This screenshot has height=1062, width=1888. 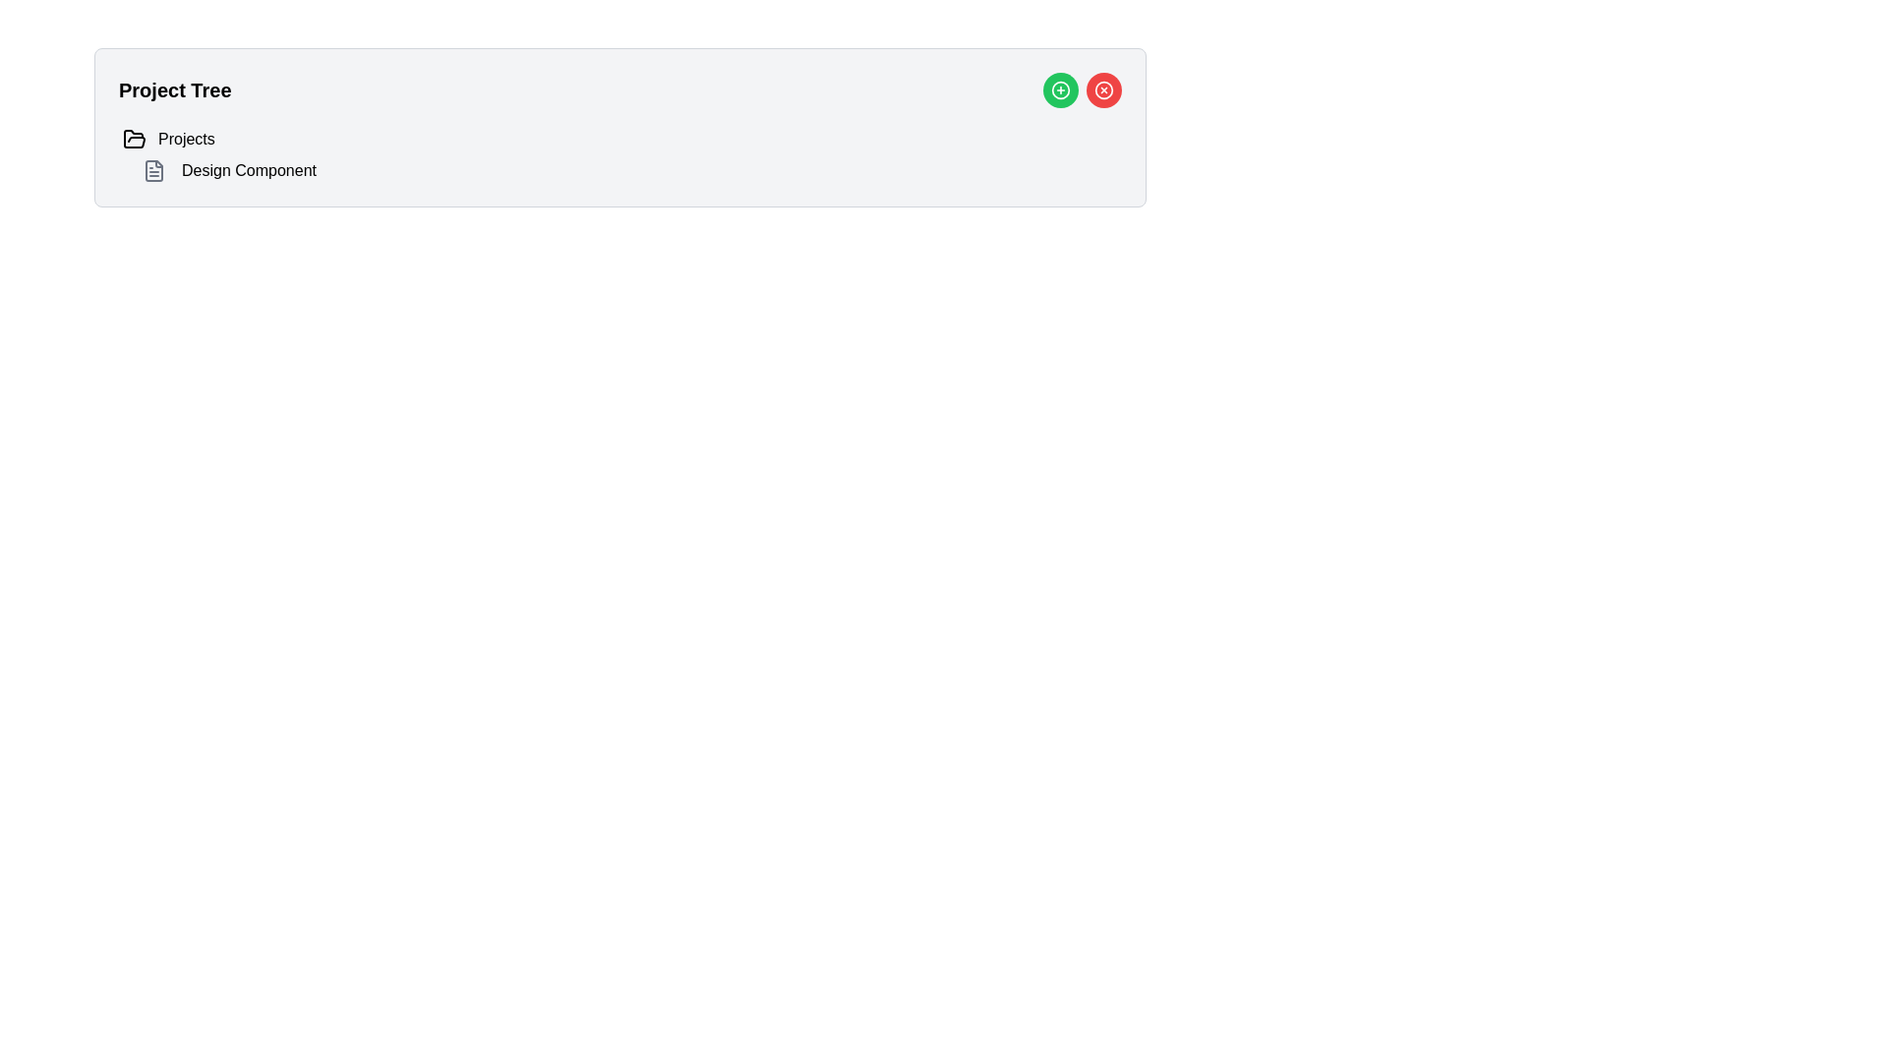 I want to click on the 'Design Component' text label, so click(x=248, y=169).